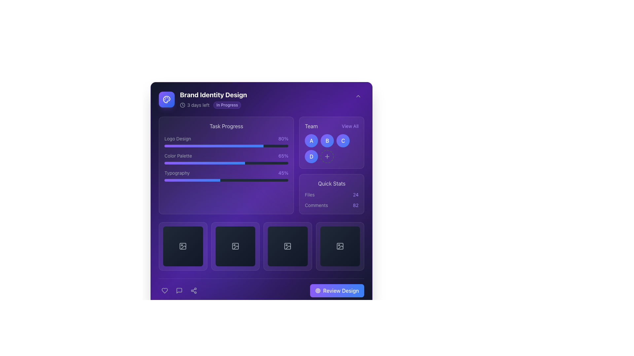  I want to click on the circular button with a plus sign in the 'Team' section, so click(331, 165).